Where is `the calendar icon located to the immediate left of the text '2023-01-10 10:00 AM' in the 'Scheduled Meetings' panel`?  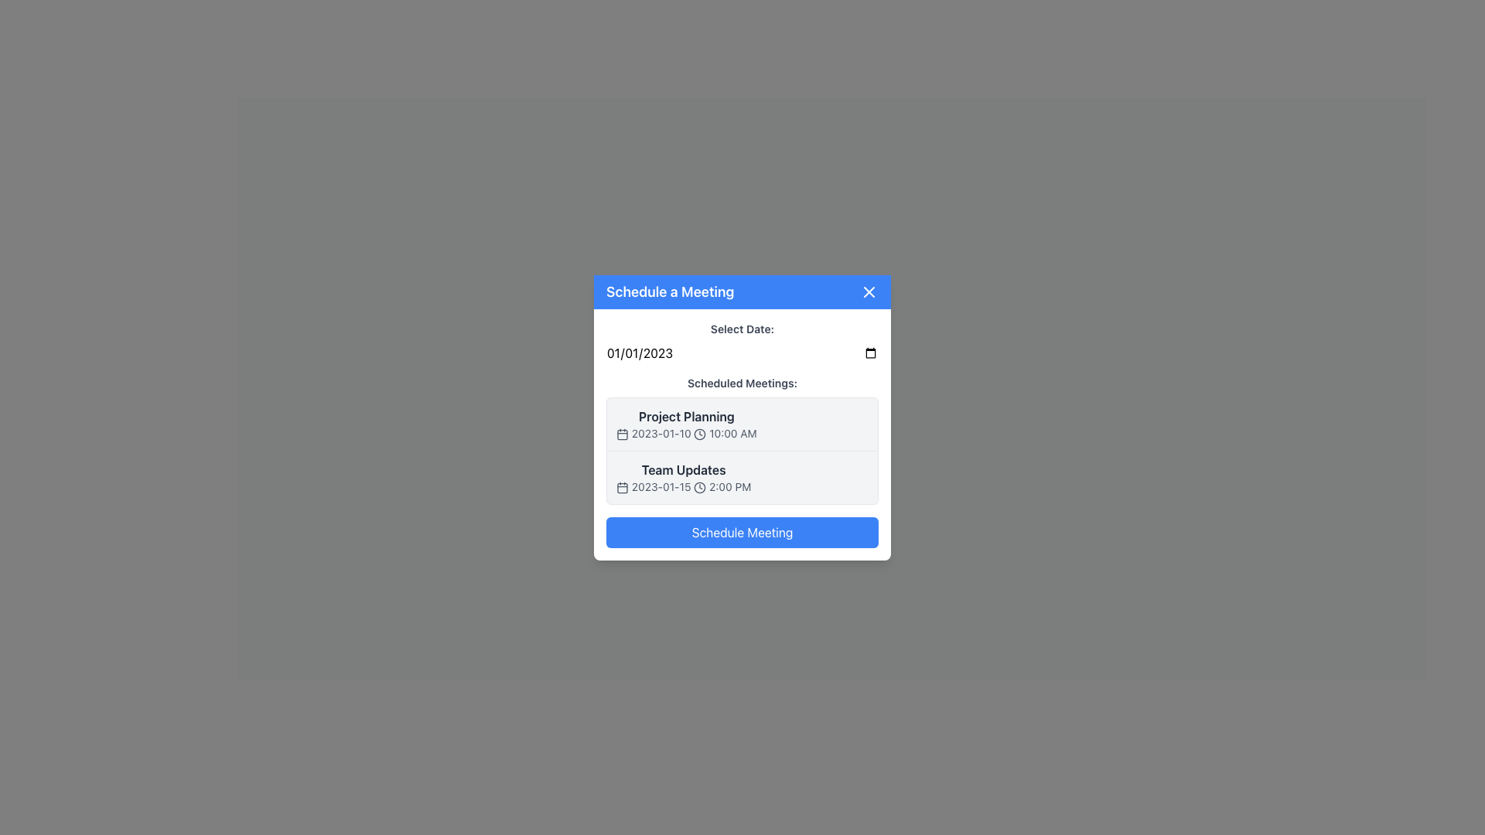 the calendar icon located to the immediate left of the text '2023-01-10 10:00 AM' in the 'Scheduled Meetings' panel is located at coordinates (623, 433).